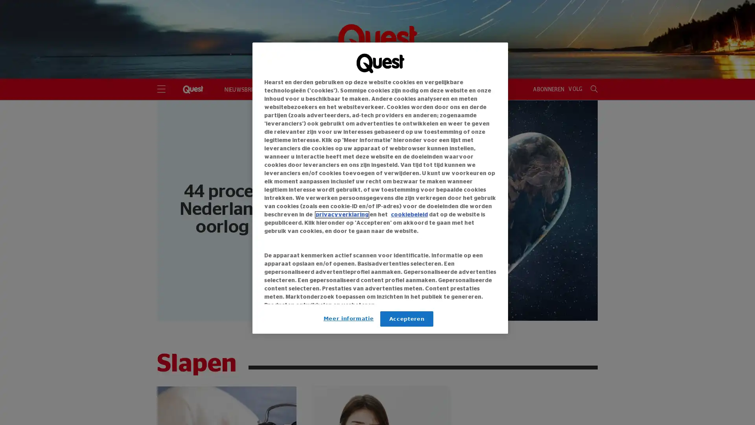  Describe the element at coordinates (348, 318) in the screenshot. I see `Meer informatie` at that location.